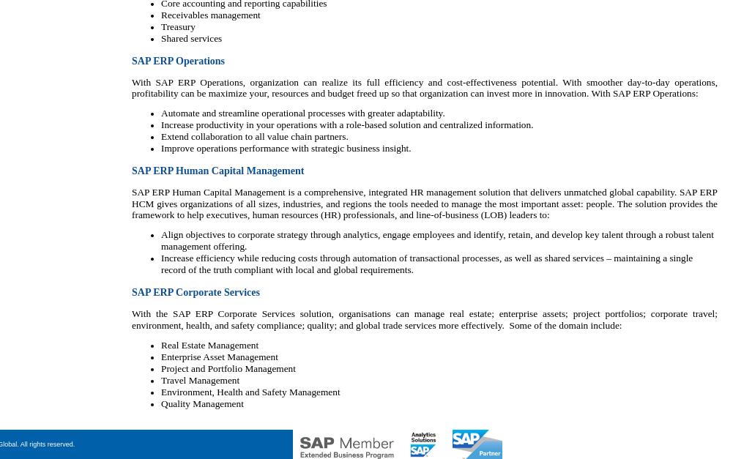  I want to click on 'Enterprise Asset
     Management', so click(219, 357).